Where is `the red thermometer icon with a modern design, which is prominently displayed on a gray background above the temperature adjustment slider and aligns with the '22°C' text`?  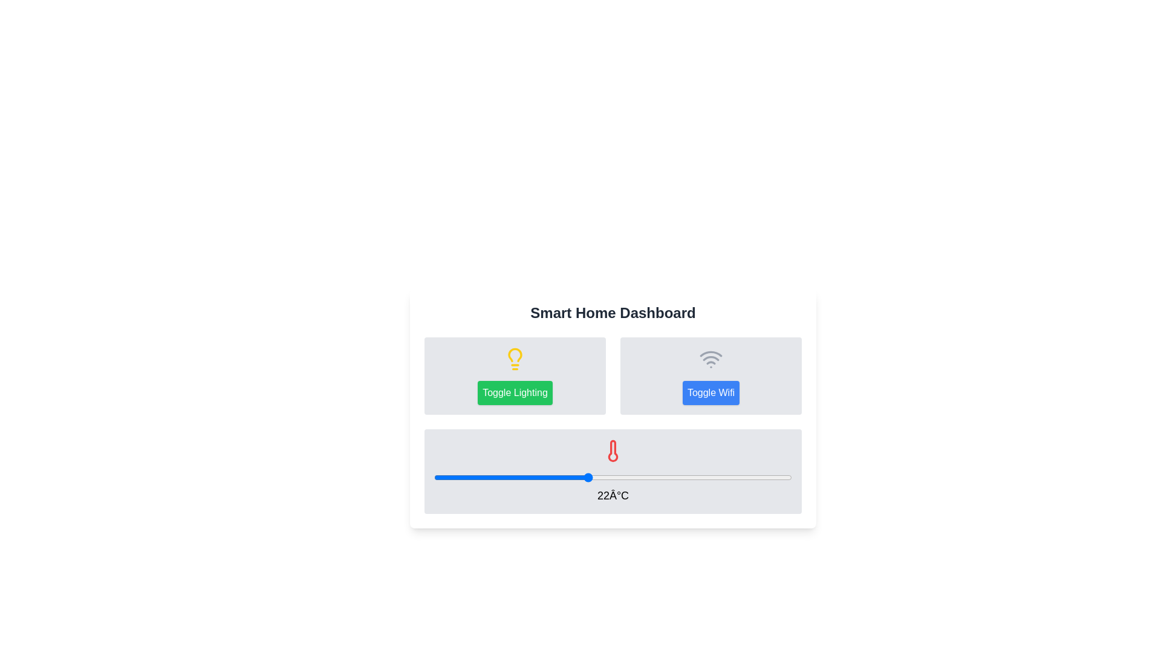
the red thermometer icon with a modern design, which is prominently displayed on a gray background above the temperature adjustment slider and aligns with the '22°C' text is located at coordinates (613, 450).